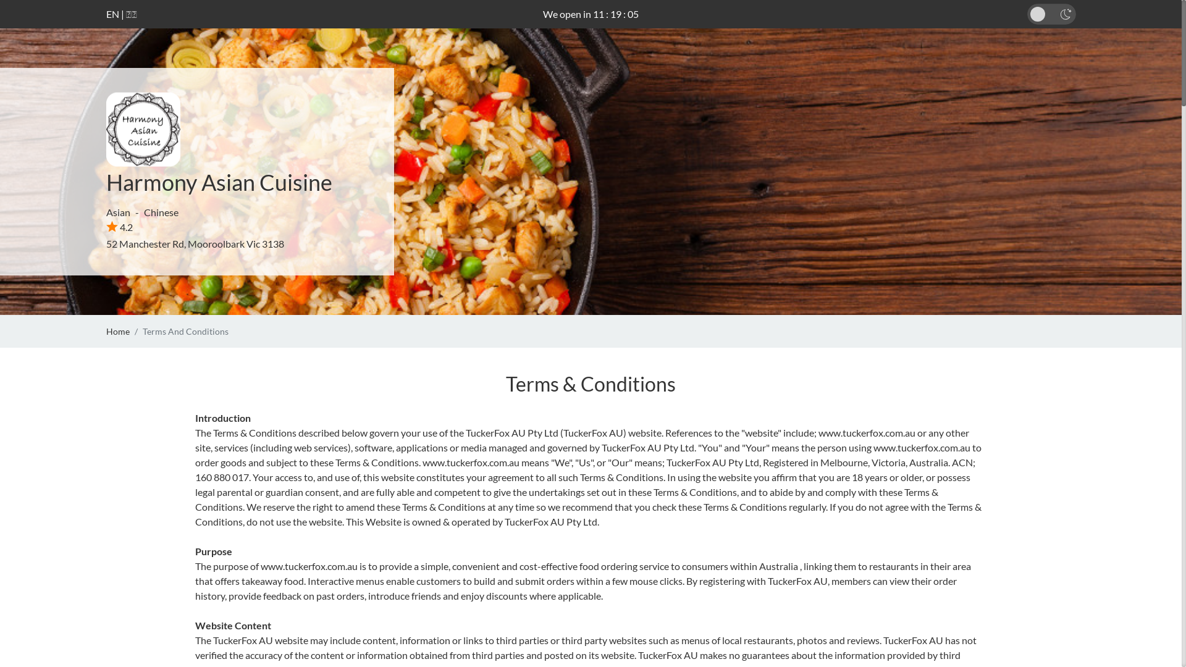 Image resolution: width=1186 pixels, height=667 pixels. What do you see at coordinates (112, 14) in the screenshot?
I see `'EN'` at bounding box center [112, 14].